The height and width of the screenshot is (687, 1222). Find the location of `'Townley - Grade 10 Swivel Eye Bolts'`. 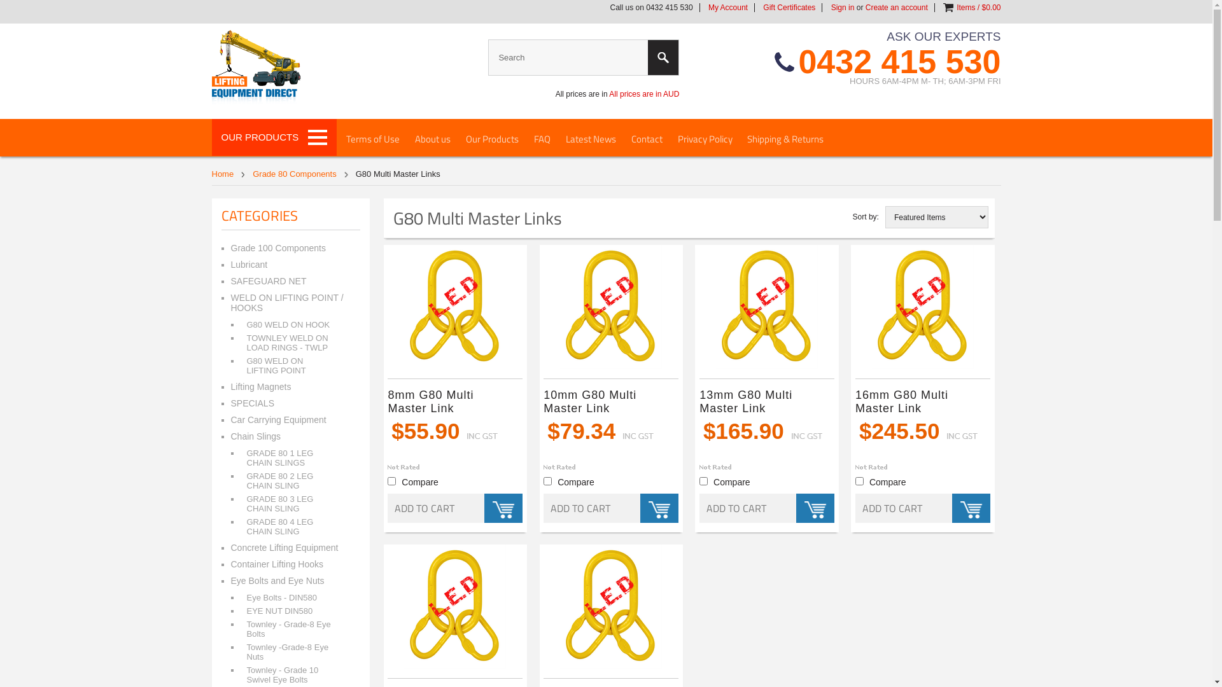

'Townley - Grade 10 Swivel Eye Bolts' is located at coordinates (290, 674).